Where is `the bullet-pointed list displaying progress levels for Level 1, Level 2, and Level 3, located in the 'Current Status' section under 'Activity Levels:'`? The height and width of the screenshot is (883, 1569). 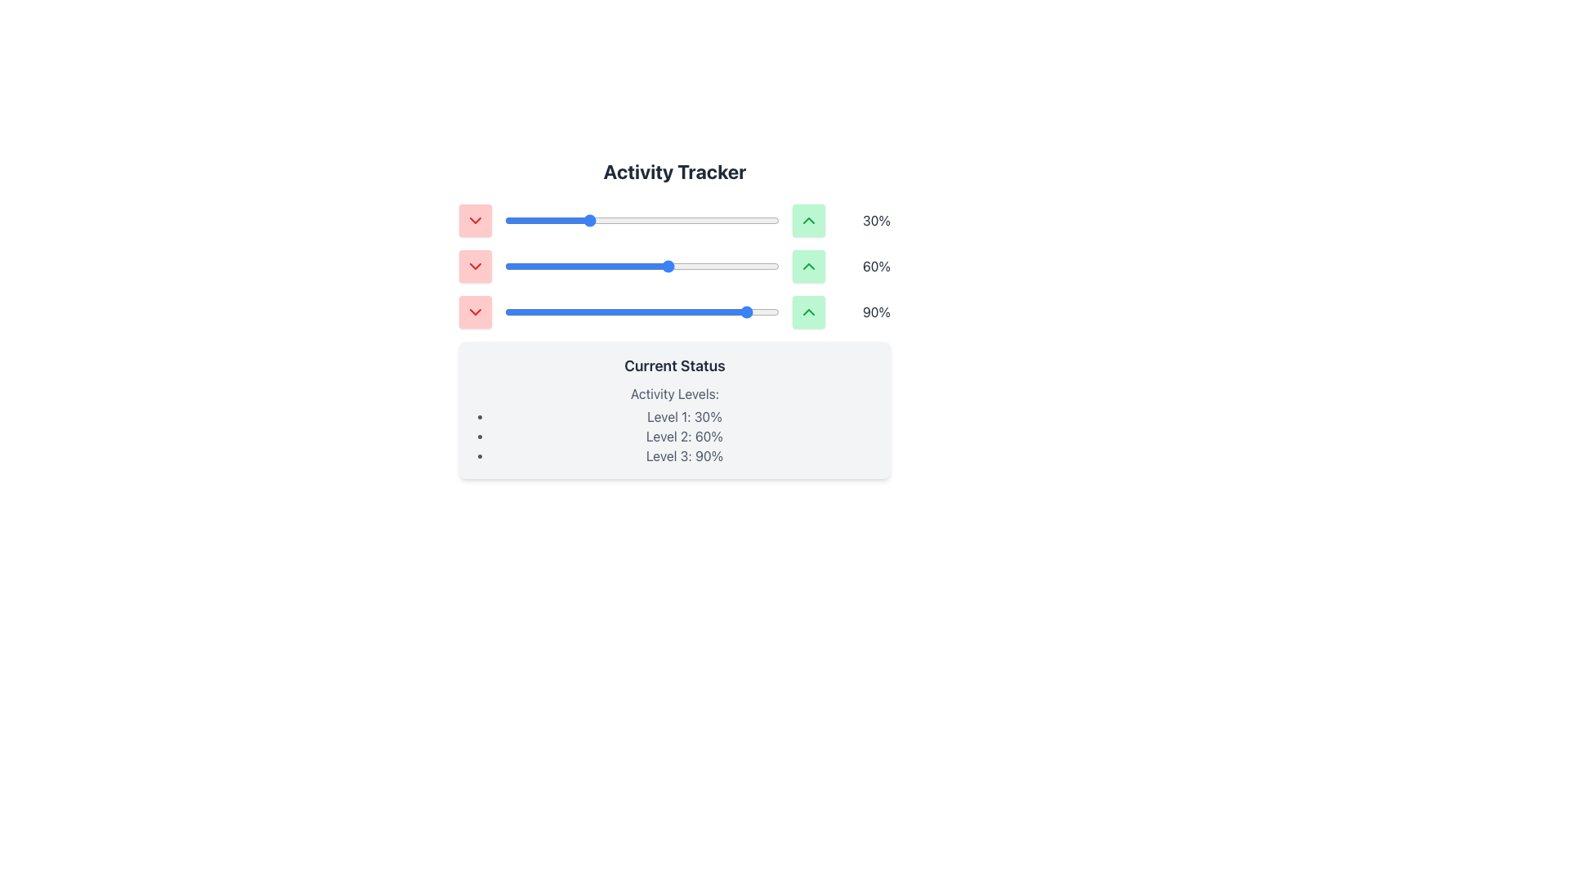
the bullet-pointed list displaying progress levels for Level 1, Level 2, and Level 3, located in the 'Current Status' section under 'Activity Levels:' is located at coordinates (685, 435).